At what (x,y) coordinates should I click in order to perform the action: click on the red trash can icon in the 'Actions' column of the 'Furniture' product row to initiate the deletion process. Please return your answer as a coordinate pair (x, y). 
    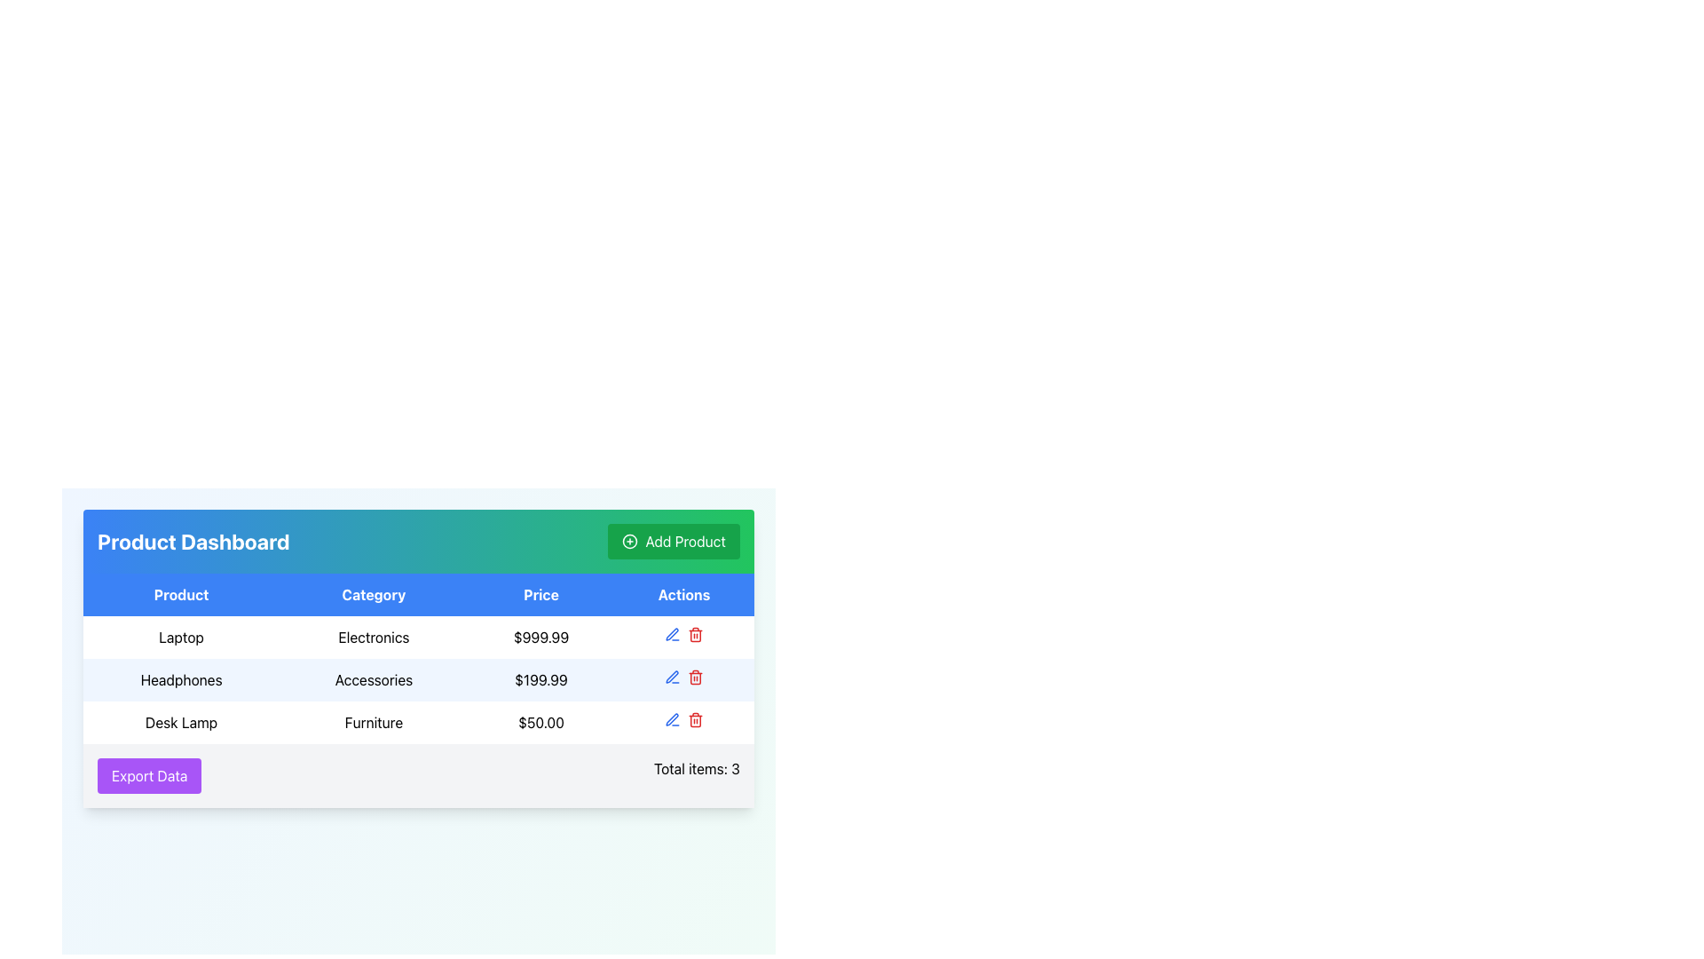
    Looking at the image, I should click on (694, 719).